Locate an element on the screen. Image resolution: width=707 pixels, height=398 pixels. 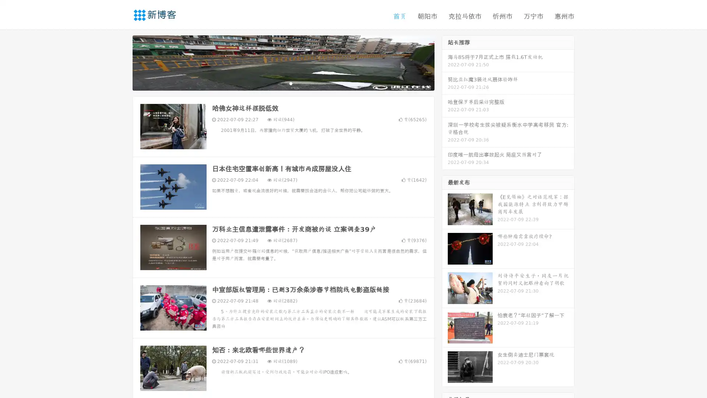
Go to slide 2 is located at coordinates (283, 83).